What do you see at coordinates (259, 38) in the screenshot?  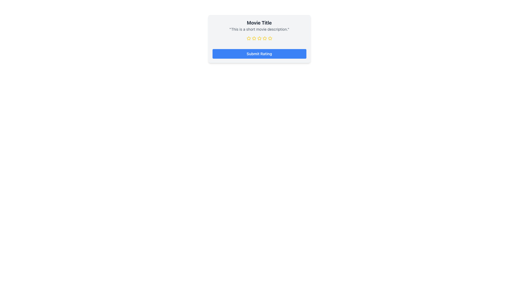 I see `the star icon in the rating bar located below the movie description` at bounding box center [259, 38].